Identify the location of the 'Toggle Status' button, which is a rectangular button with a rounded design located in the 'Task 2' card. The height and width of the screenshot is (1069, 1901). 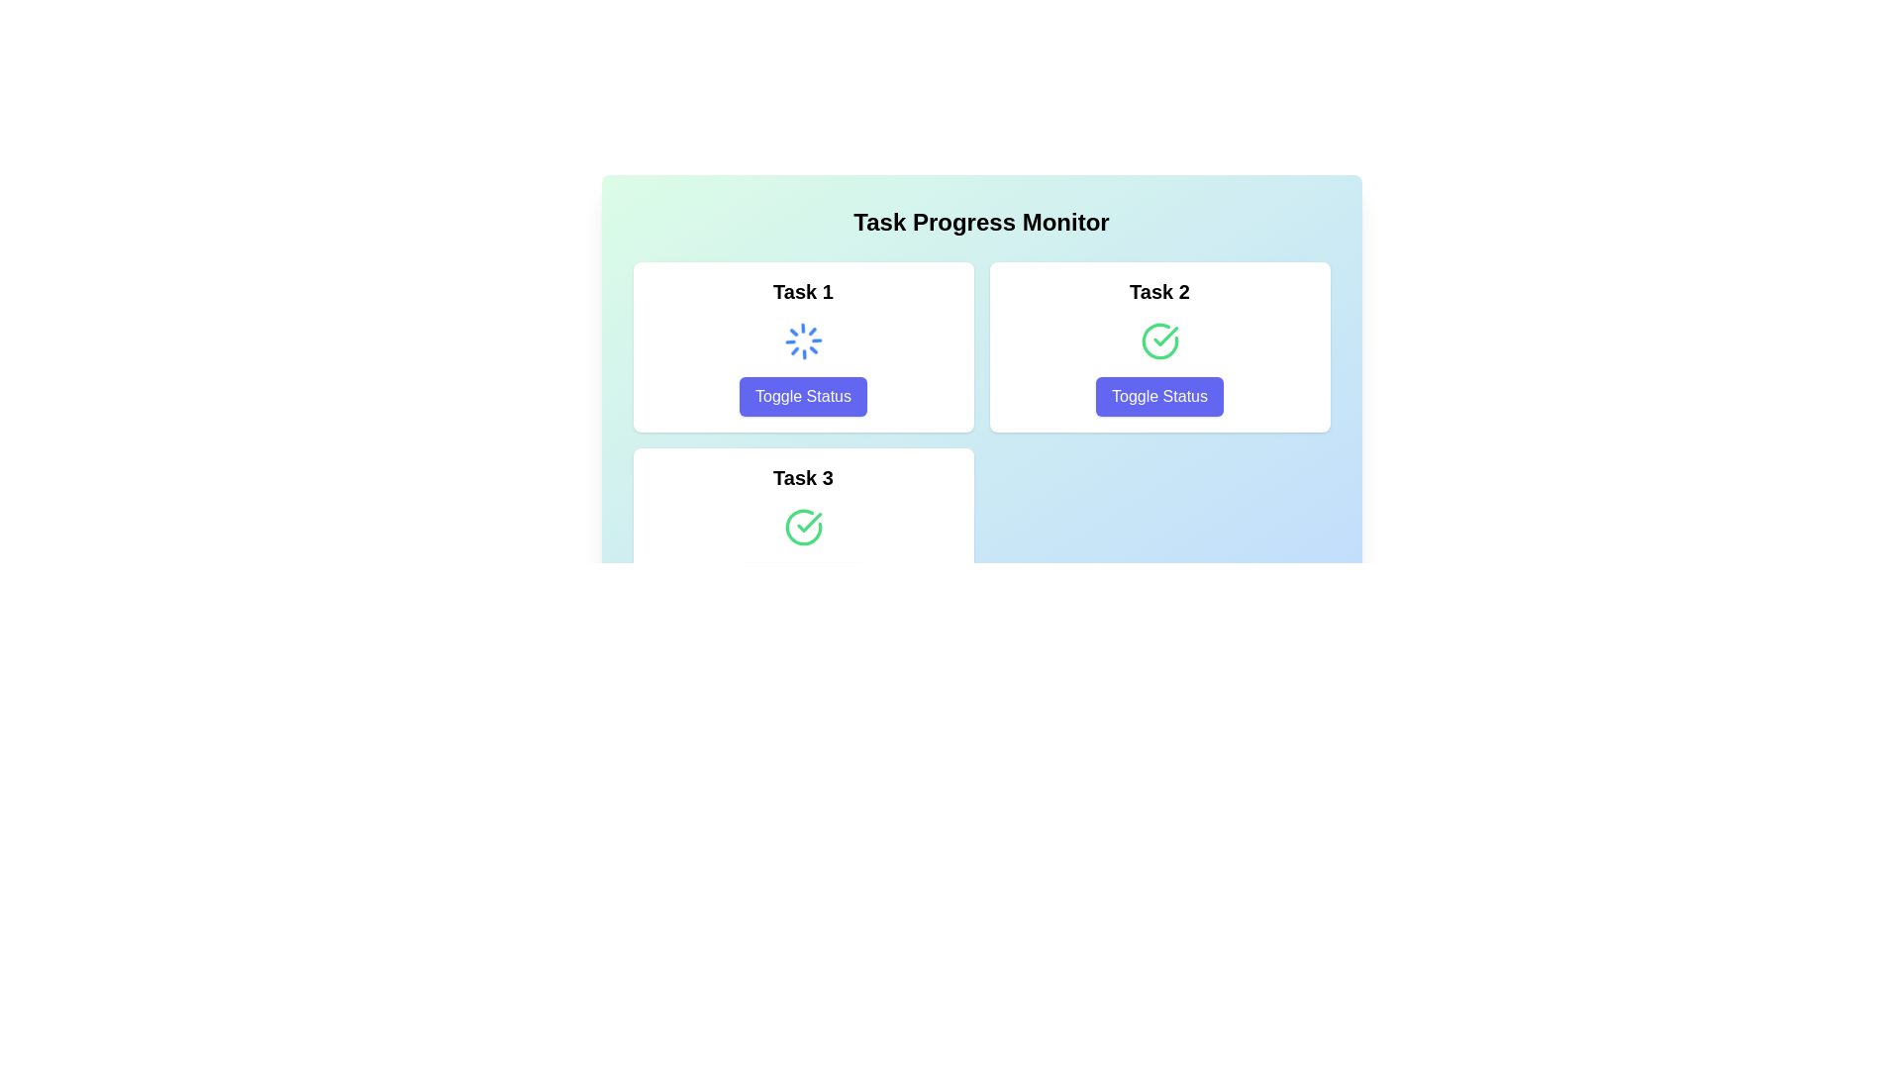
(1159, 397).